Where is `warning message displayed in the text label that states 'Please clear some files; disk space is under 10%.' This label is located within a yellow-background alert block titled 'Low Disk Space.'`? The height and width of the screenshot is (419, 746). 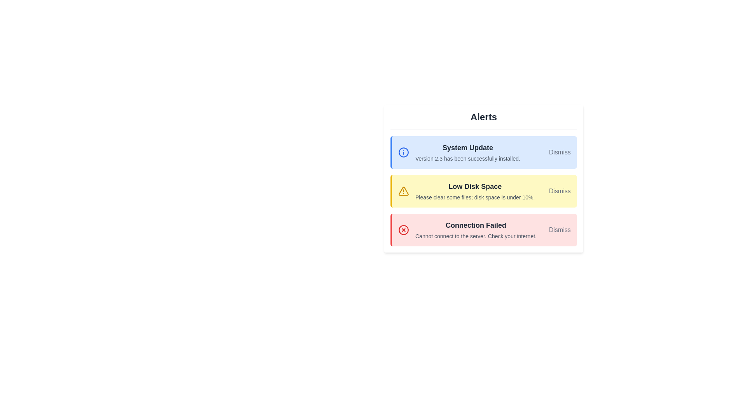 warning message displayed in the text label that states 'Please clear some files; disk space is under 10%.' This label is located within a yellow-background alert block titled 'Low Disk Space.' is located at coordinates (474, 197).